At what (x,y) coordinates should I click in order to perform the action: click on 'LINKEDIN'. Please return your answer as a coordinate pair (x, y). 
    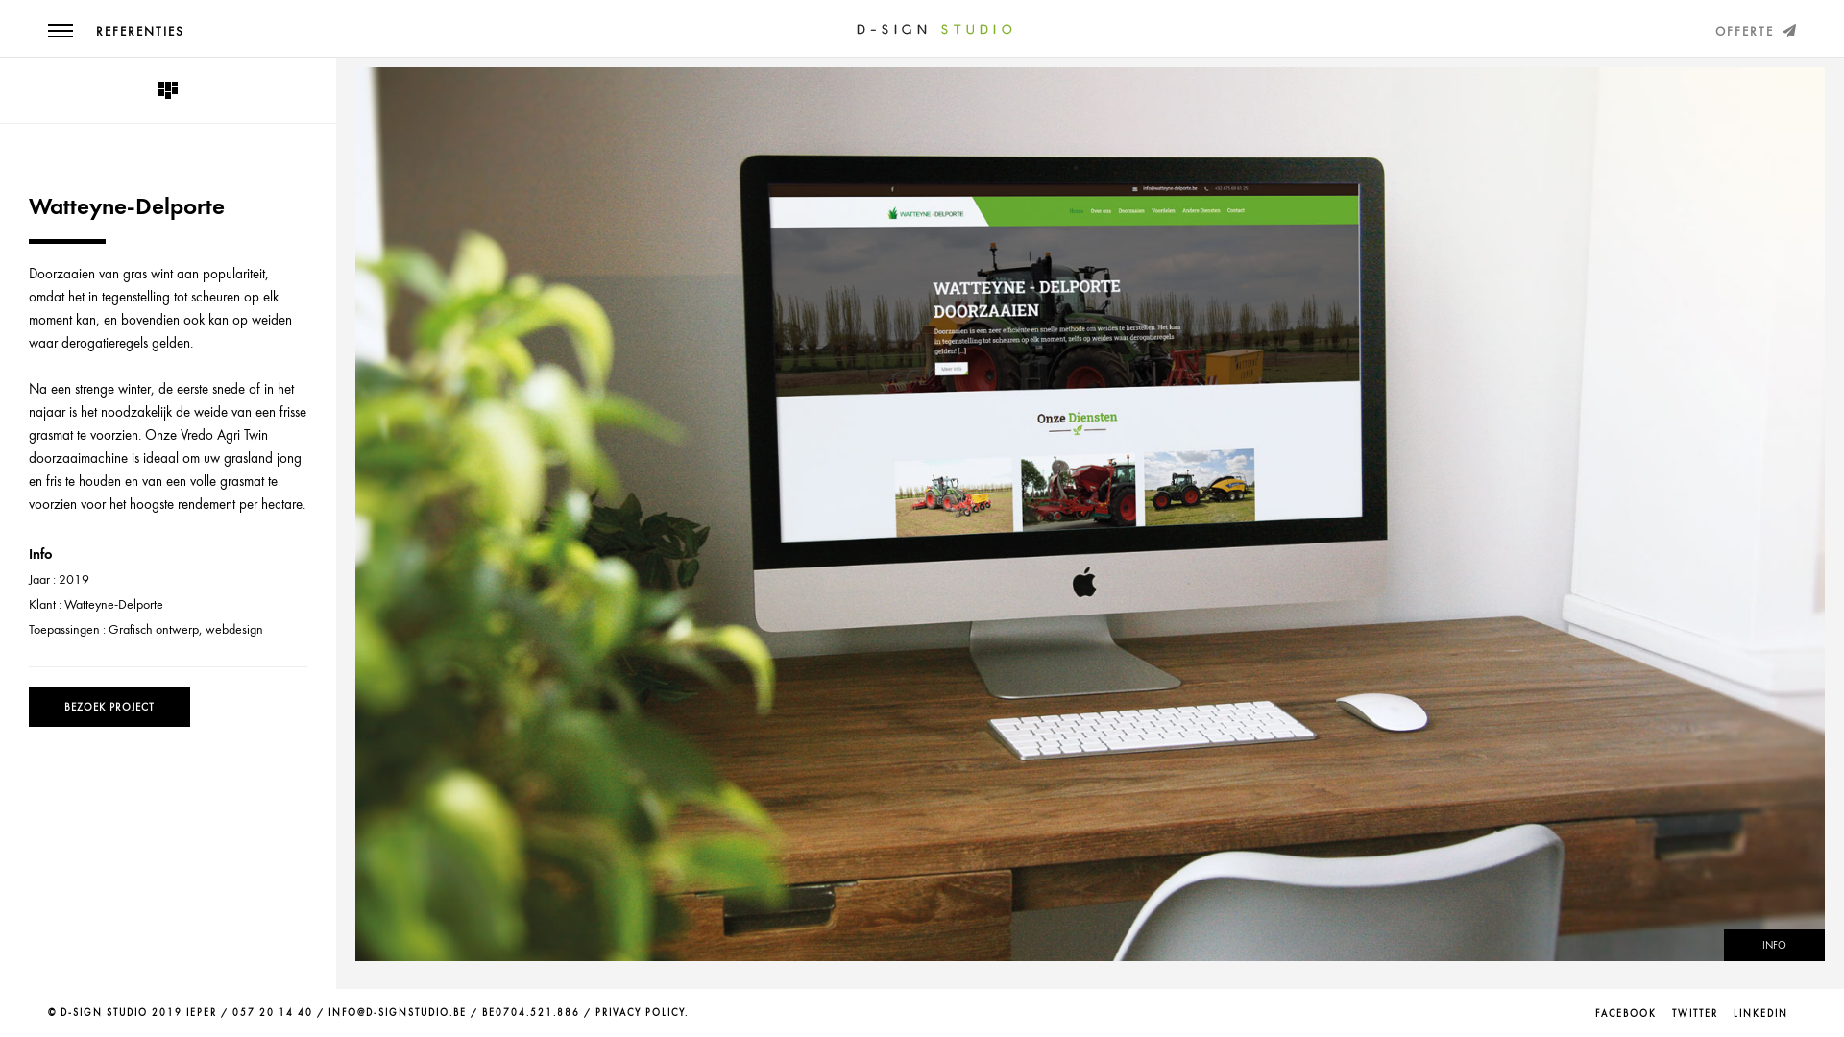
    Looking at the image, I should click on (1760, 1012).